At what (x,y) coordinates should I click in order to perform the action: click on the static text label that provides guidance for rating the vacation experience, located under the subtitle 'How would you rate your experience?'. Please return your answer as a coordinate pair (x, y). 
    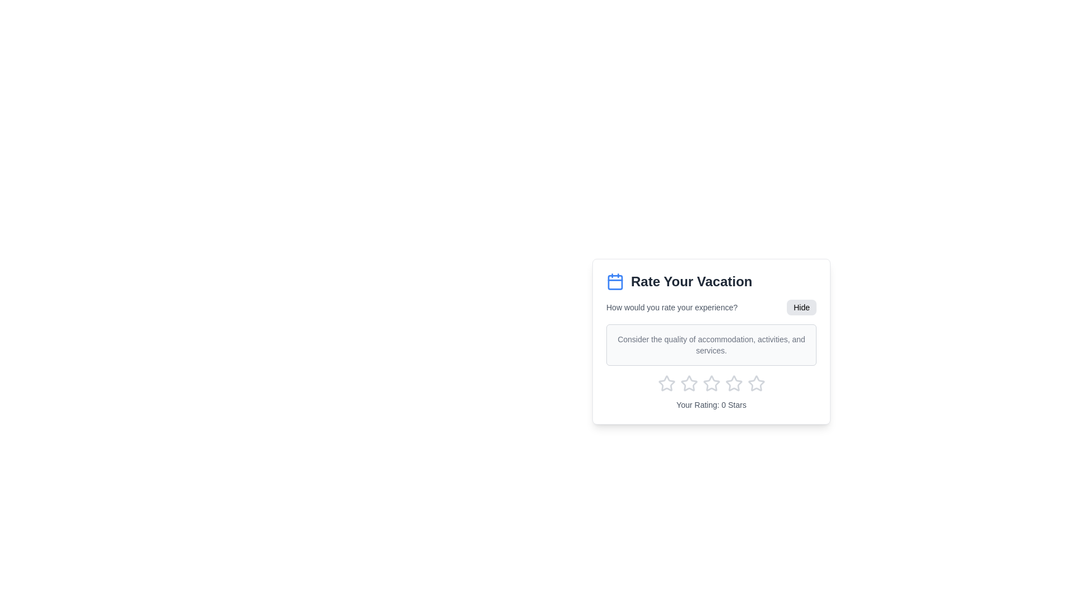
    Looking at the image, I should click on (711, 345).